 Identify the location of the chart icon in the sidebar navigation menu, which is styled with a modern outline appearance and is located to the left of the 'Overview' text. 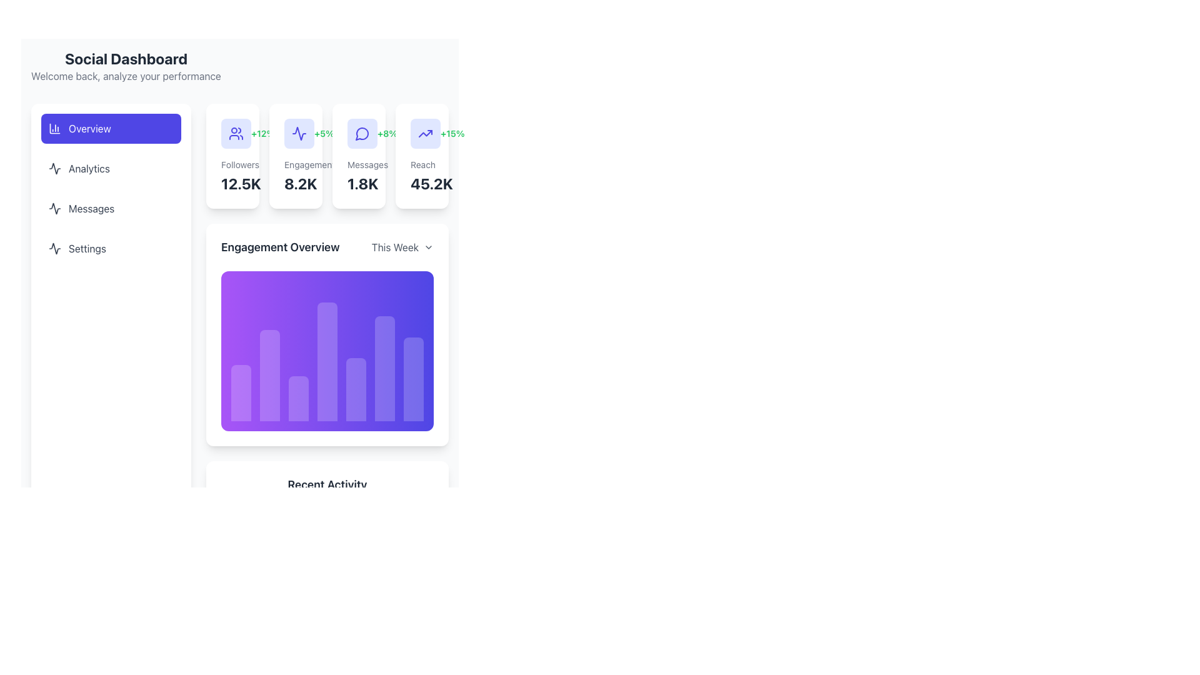
(54, 128).